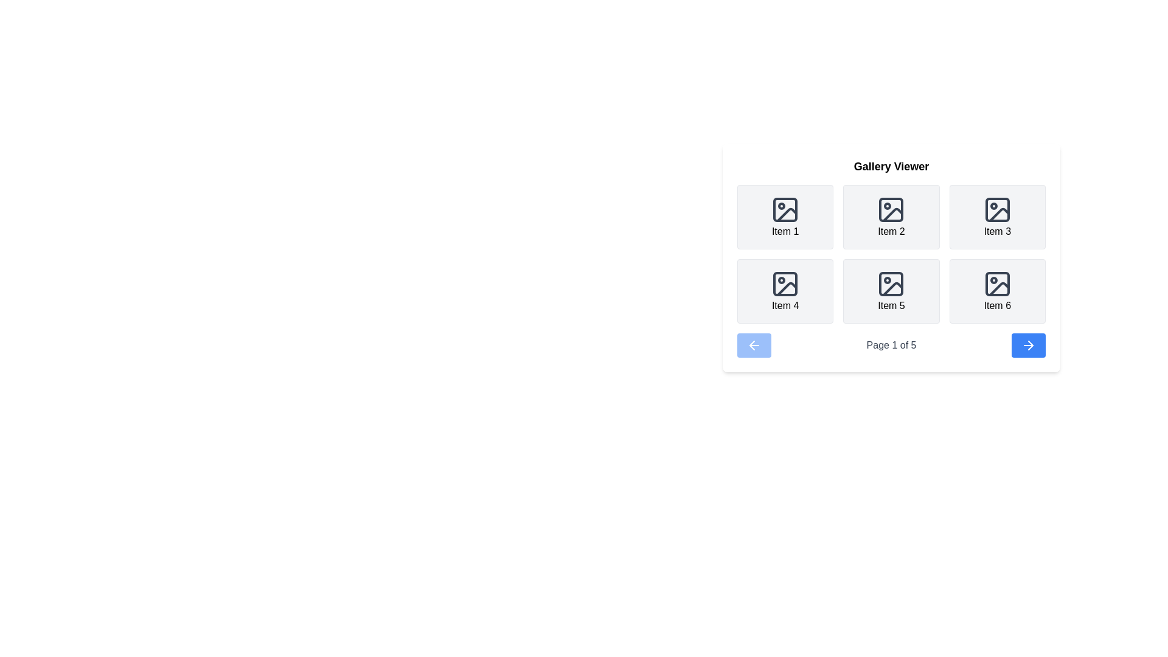 The height and width of the screenshot is (657, 1168). What do you see at coordinates (1027, 345) in the screenshot?
I see `the navigation button located at the bottom-right corner of the pagination controls` at bounding box center [1027, 345].